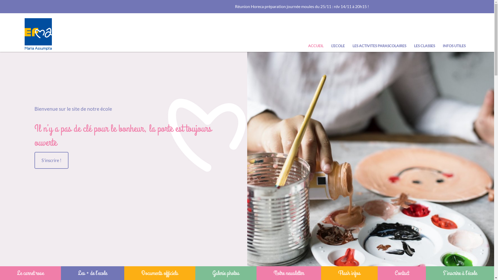 This screenshot has width=498, height=280. I want to click on 'Flash infos', so click(349, 273).